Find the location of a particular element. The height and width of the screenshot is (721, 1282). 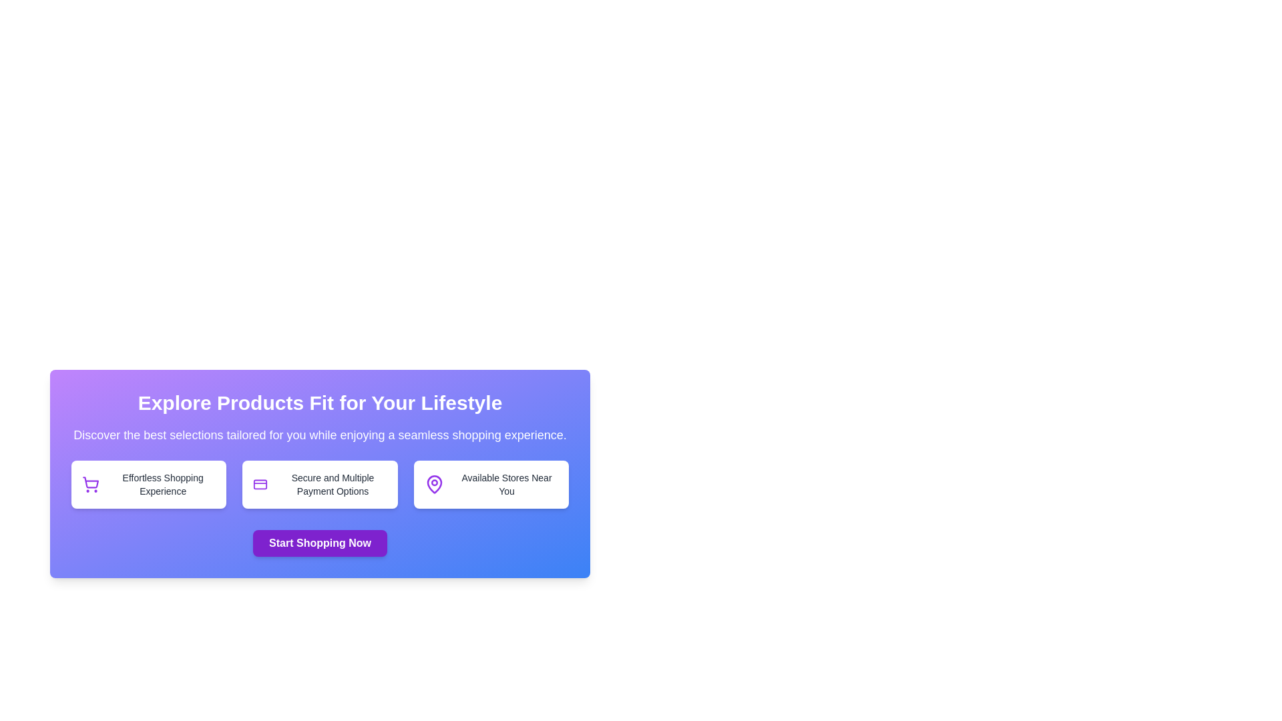

the secure payment options icon located within the second option box labeled 'Secure and Multiple Payment Options', positioned between the 'Effortless Shopping Experience' and 'Available Stores Near You' icons is located at coordinates (260, 484).